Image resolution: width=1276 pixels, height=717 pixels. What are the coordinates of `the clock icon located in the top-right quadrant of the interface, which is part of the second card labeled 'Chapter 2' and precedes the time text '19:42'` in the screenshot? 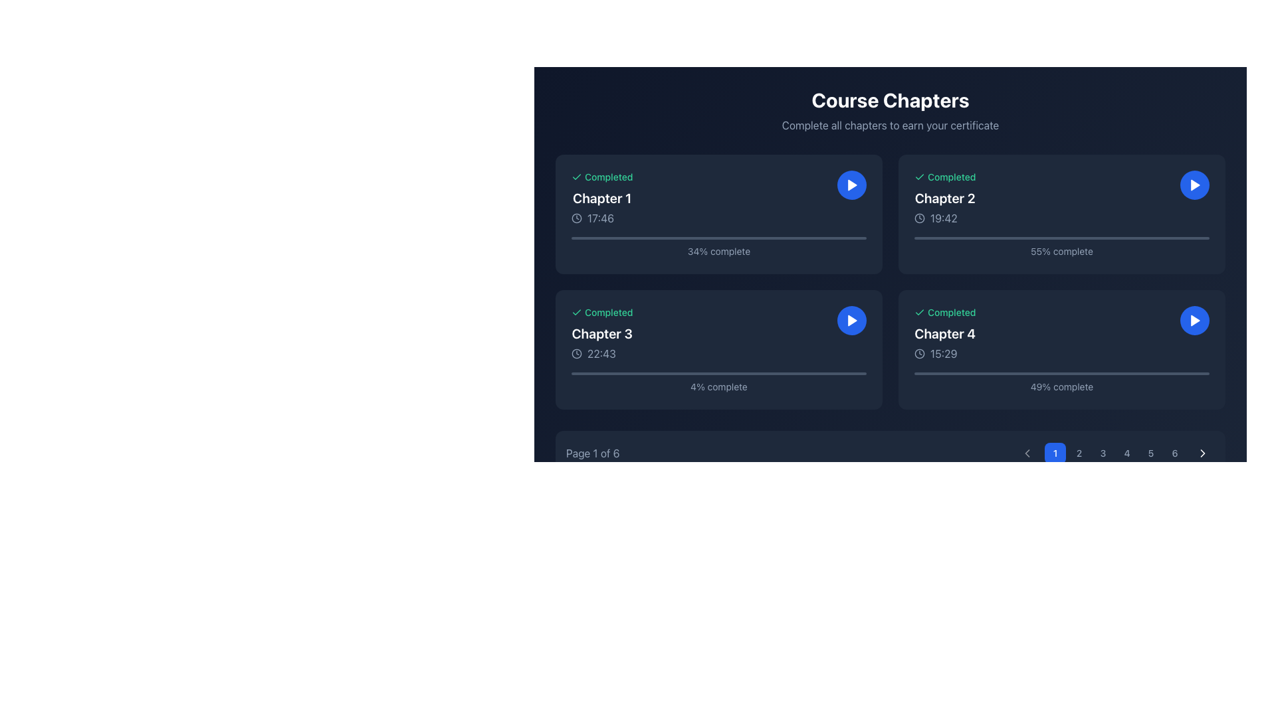 It's located at (918, 217).